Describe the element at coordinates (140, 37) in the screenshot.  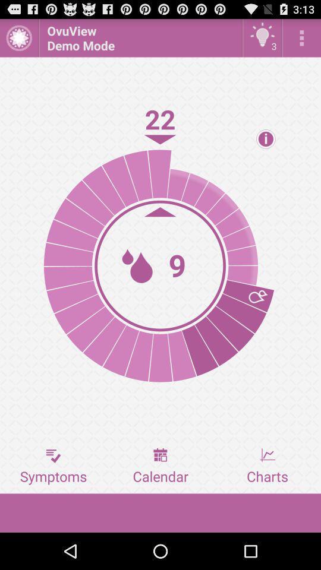
I see `icon at the top` at that location.